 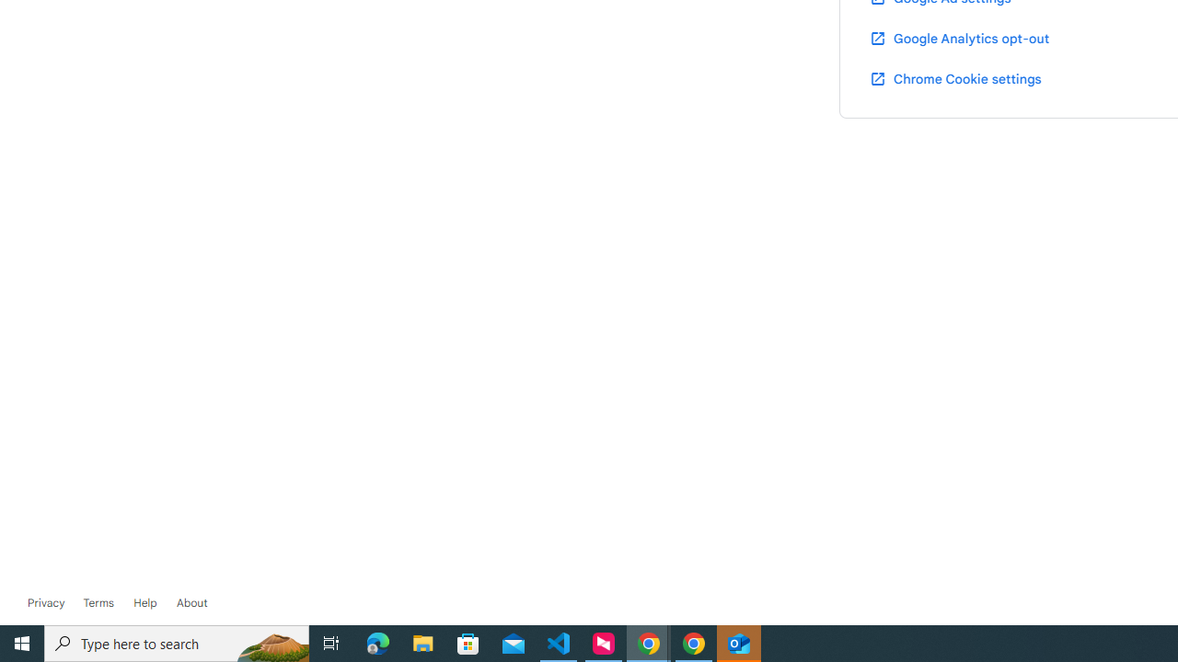 I want to click on 'Google Analytics opt-out', so click(x=957, y=38).